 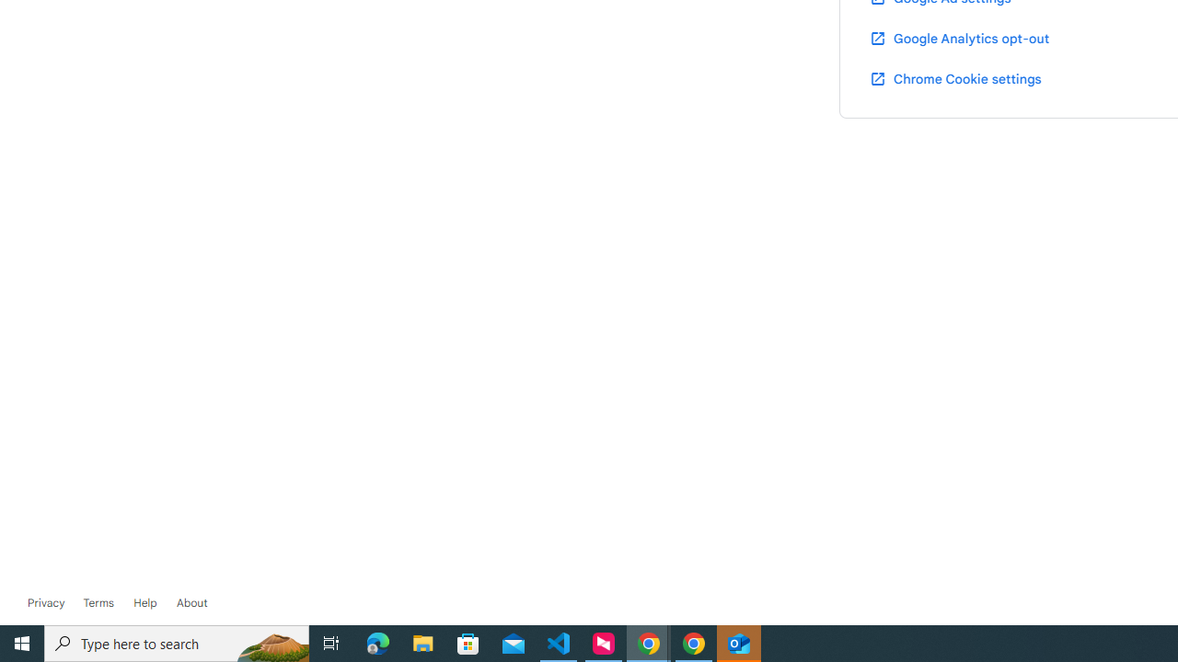 I want to click on 'Google Analytics opt-out', so click(x=957, y=38).